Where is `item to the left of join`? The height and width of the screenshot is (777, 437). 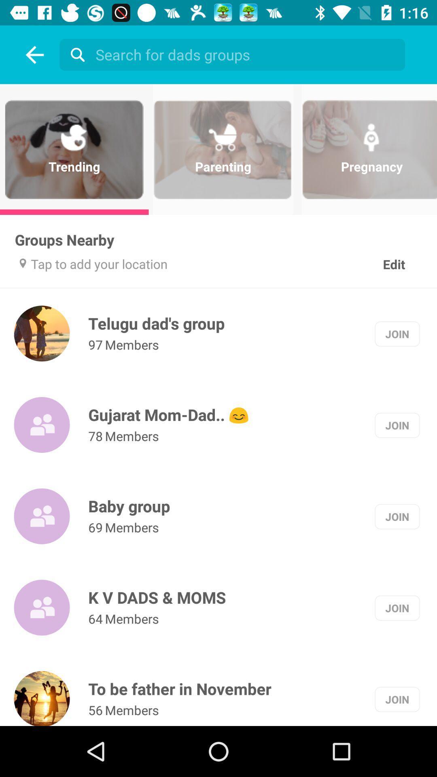
item to the left of join is located at coordinates (156, 323).